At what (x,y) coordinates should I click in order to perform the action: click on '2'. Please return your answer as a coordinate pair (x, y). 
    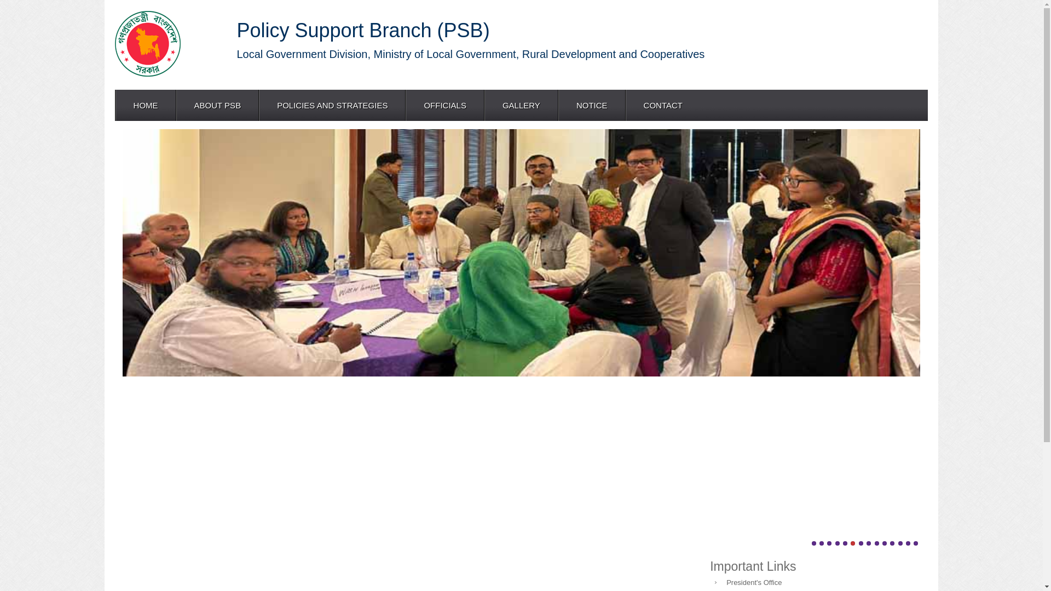
    Looking at the image, I should click on (822, 543).